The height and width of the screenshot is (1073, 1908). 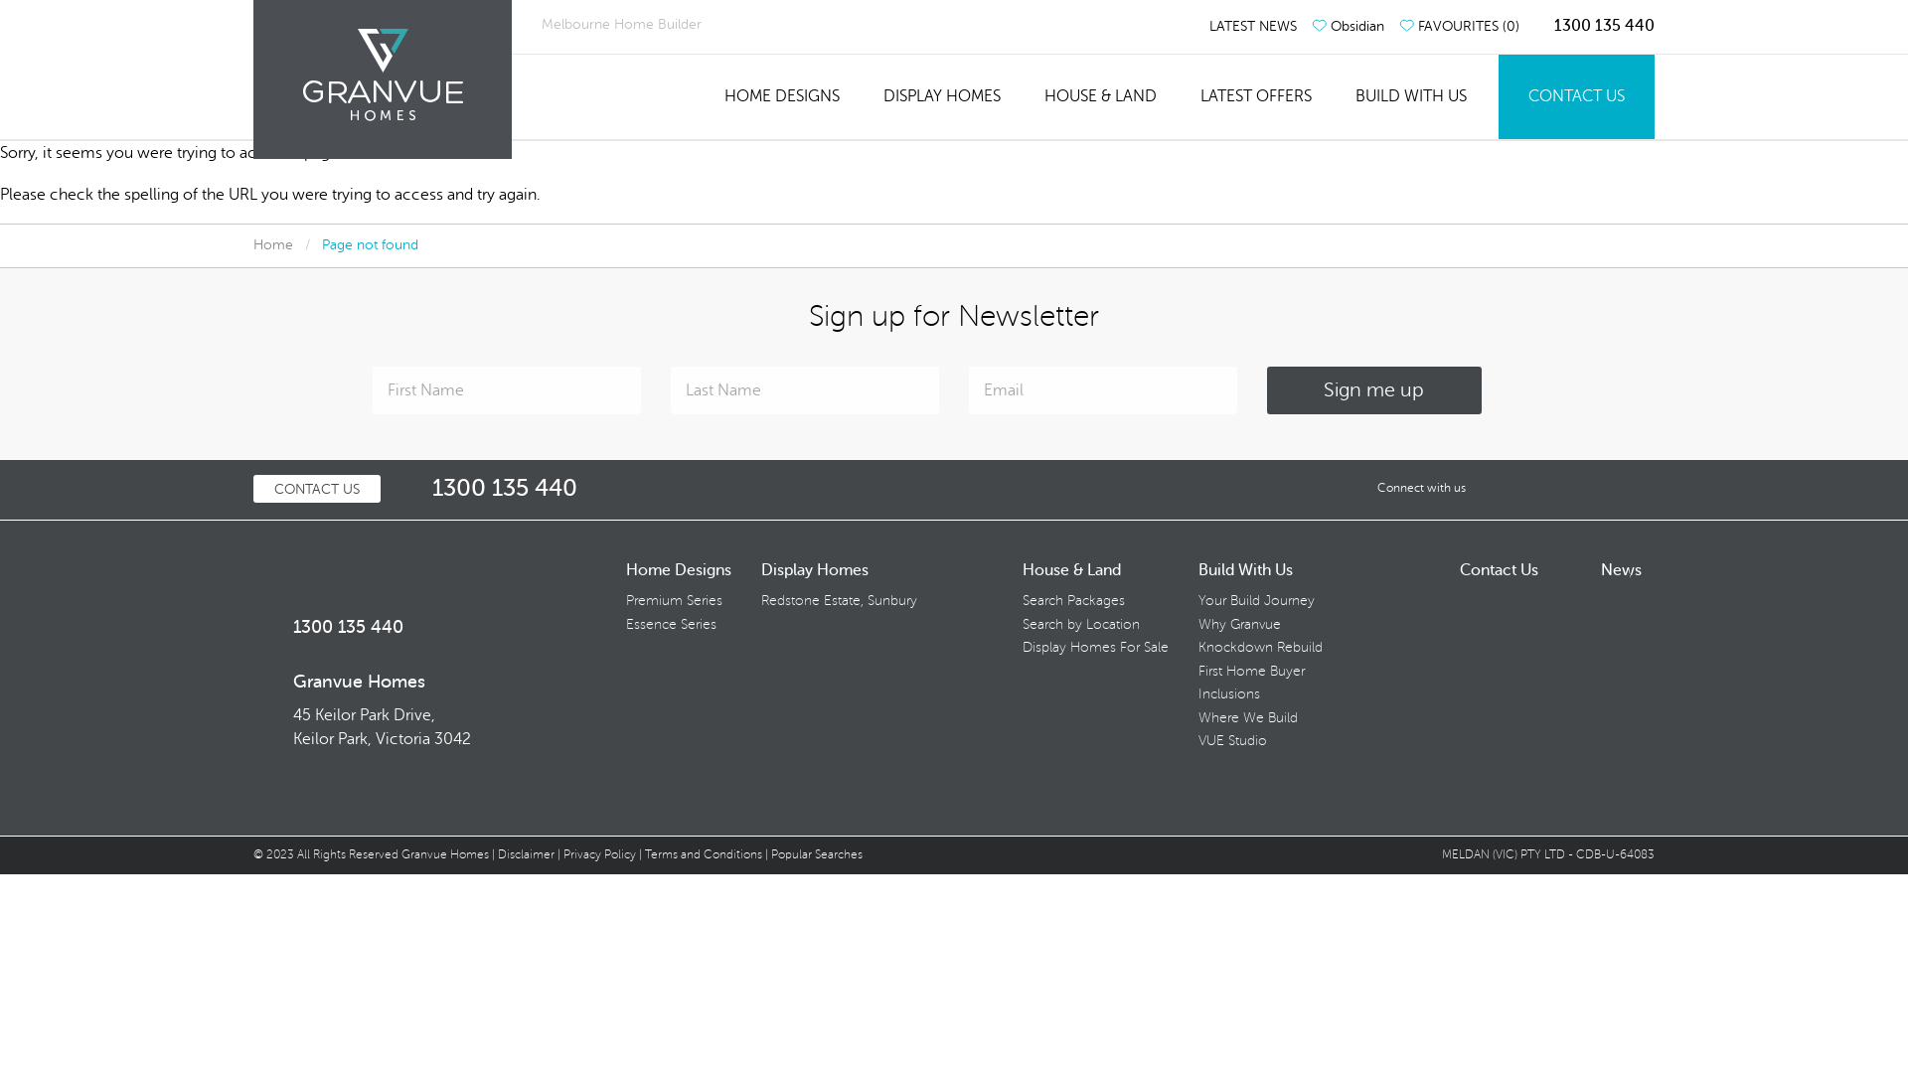 I want to click on 'LATEST OFFERS', so click(x=1178, y=96).